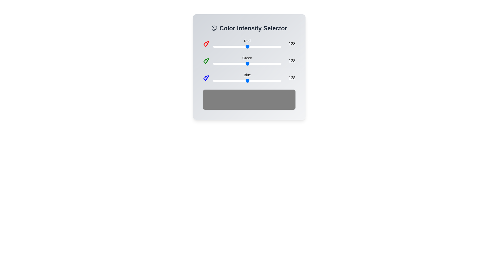 The width and height of the screenshot is (482, 271). What do you see at coordinates (290, 61) in the screenshot?
I see `the numeric label displaying the value '128', which is right-justified and styled in bold black text, indicating the current green color intensity value in a UI section with green elements` at bounding box center [290, 61].